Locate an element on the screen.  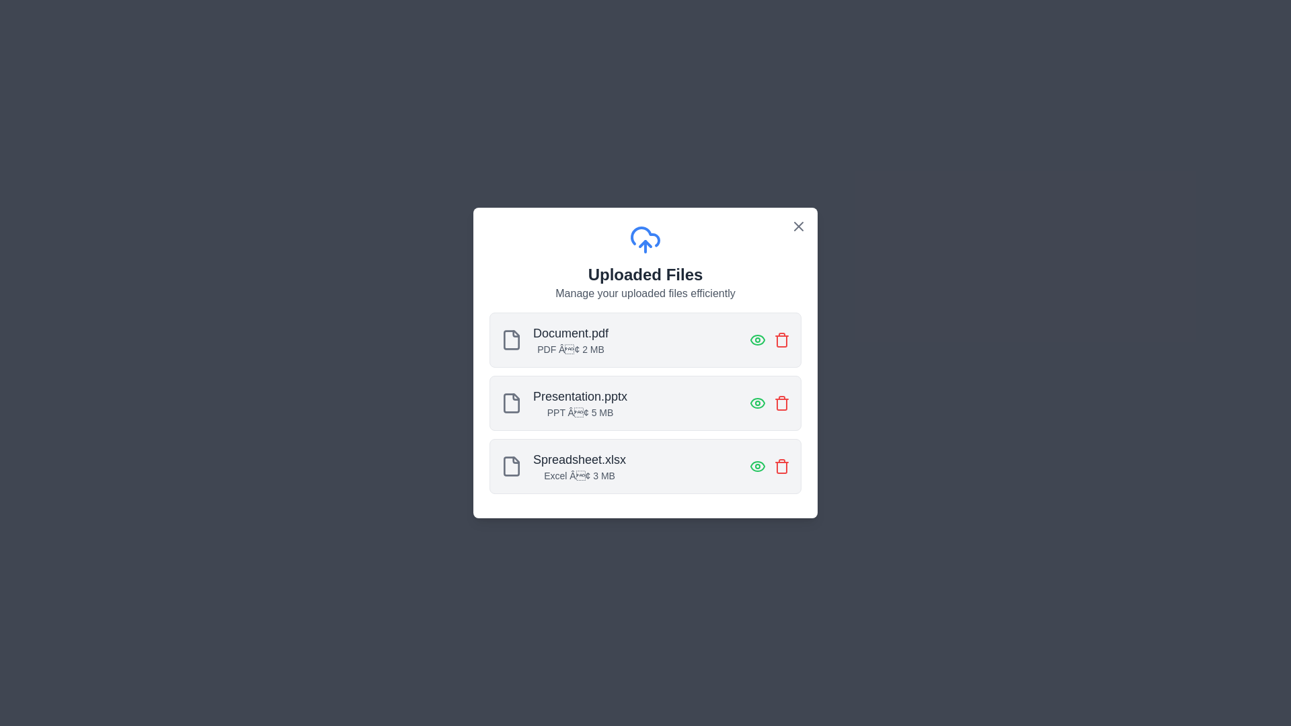
the trash bin icon in the button group located next to the 'Document.pdf' item listing, which is styled in red and indicates a delete function is located at coordinates (770, 339).